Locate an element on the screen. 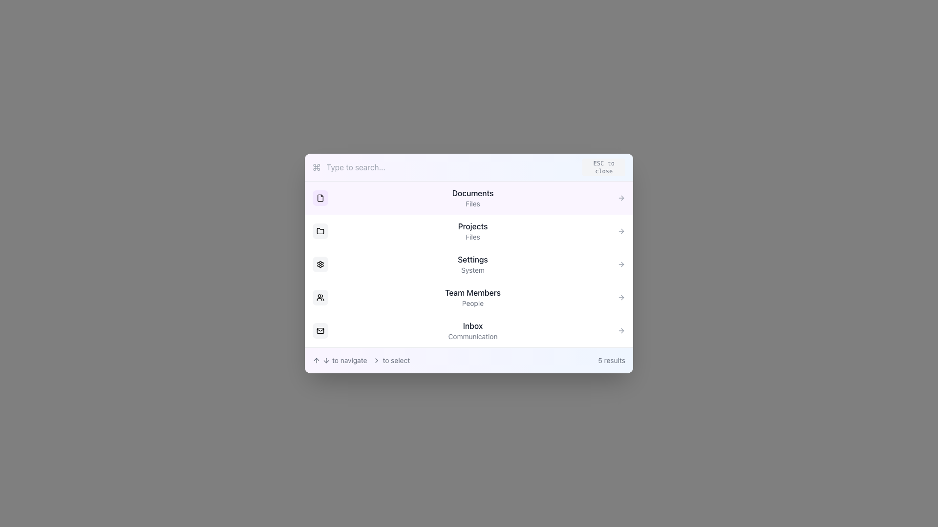  the gray arrow icon located at the far-right edge of the 'Projects' item row is located at coordinates (621, 231).